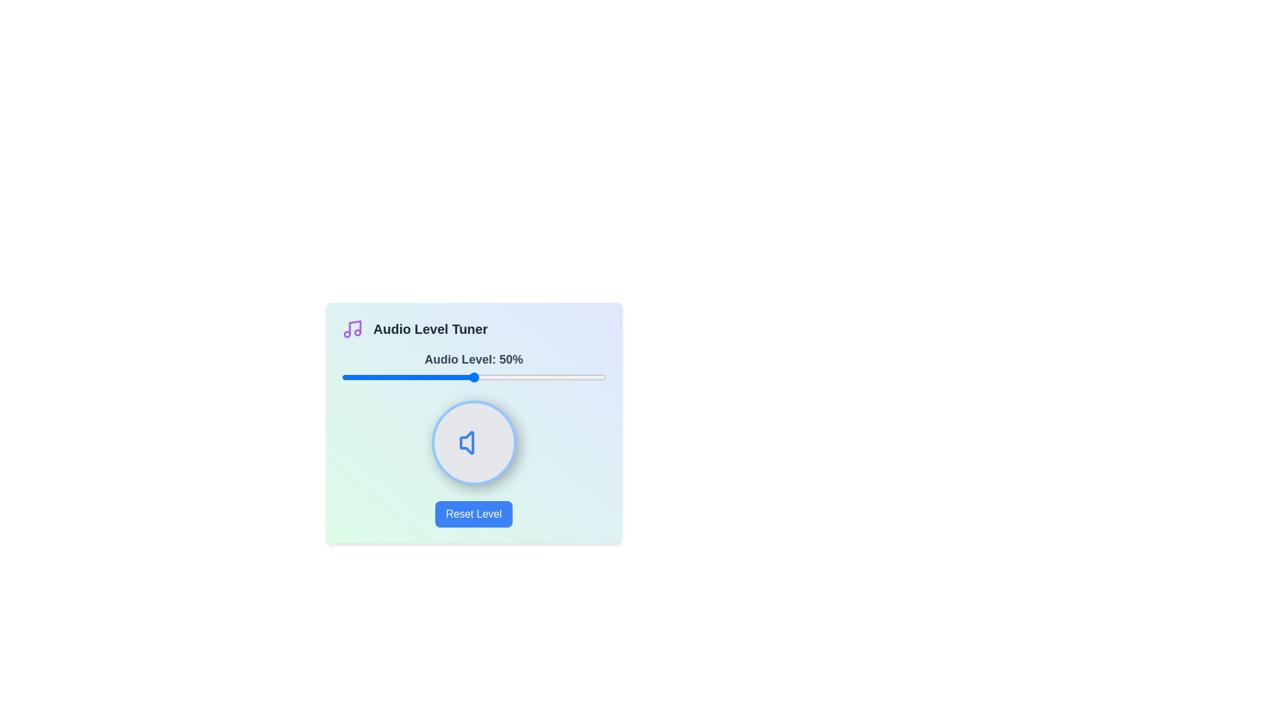 The height and width of the screenshot is (714, 1270). Describe the element at coordinates (474, 514) in the screenshot. I see `reset button to set the audio level to 50%` at that location.